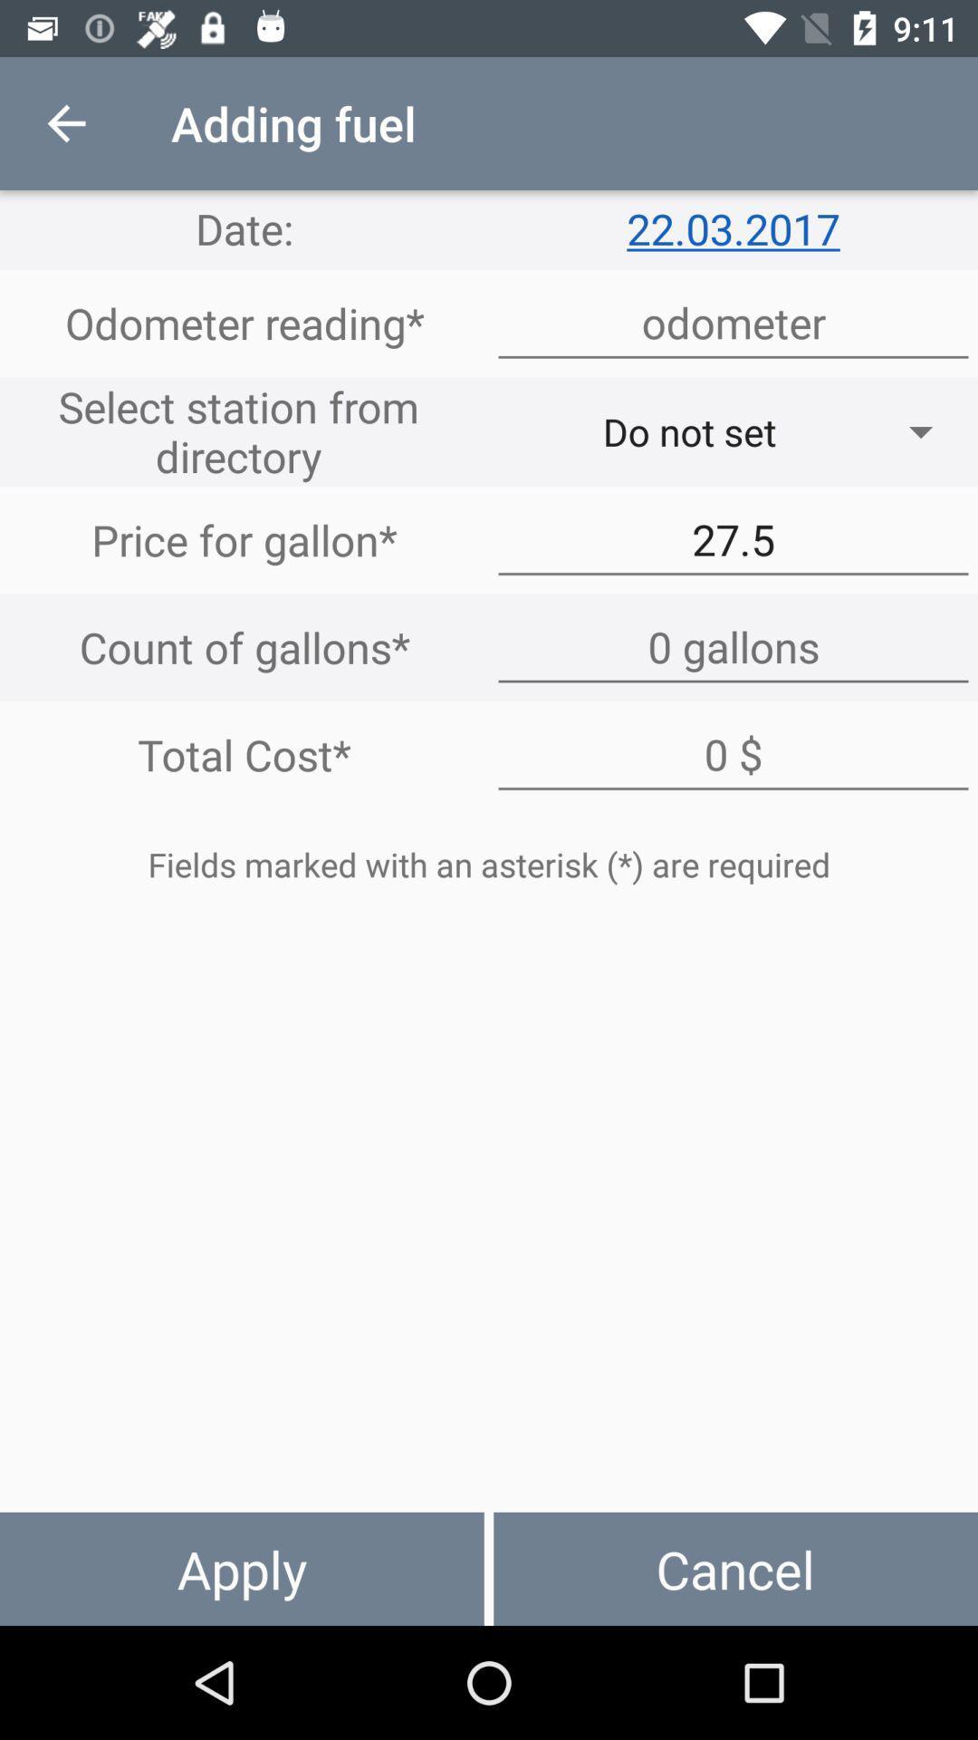 This screenshot has width=978, height=1740. What do you see at coordinates (733, 647) in the screenshot?
I see `new tap page` at bounding box center [733, 647].